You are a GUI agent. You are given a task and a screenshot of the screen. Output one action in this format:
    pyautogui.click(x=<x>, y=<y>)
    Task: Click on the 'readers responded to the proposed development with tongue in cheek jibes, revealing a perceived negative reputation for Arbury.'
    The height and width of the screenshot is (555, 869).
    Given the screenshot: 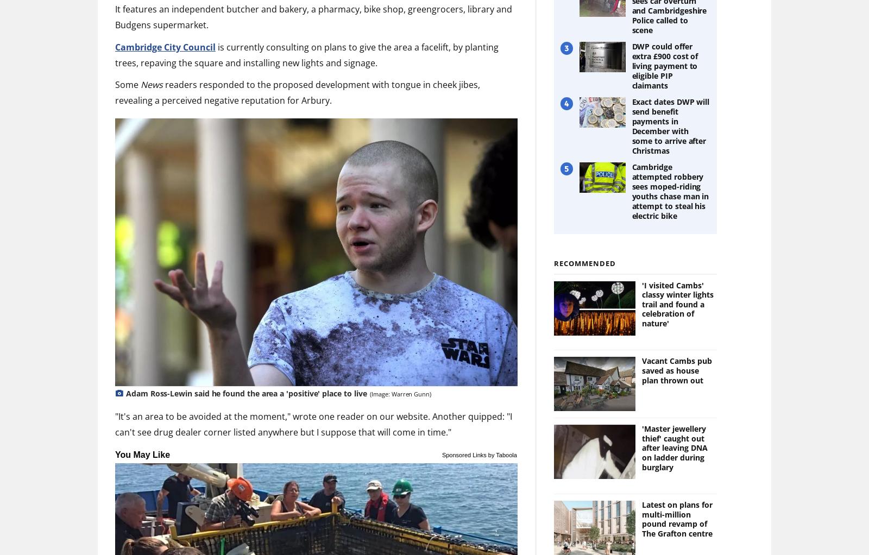 What is the action you would take?
    pyautogui.click(x=297, y=92)
    